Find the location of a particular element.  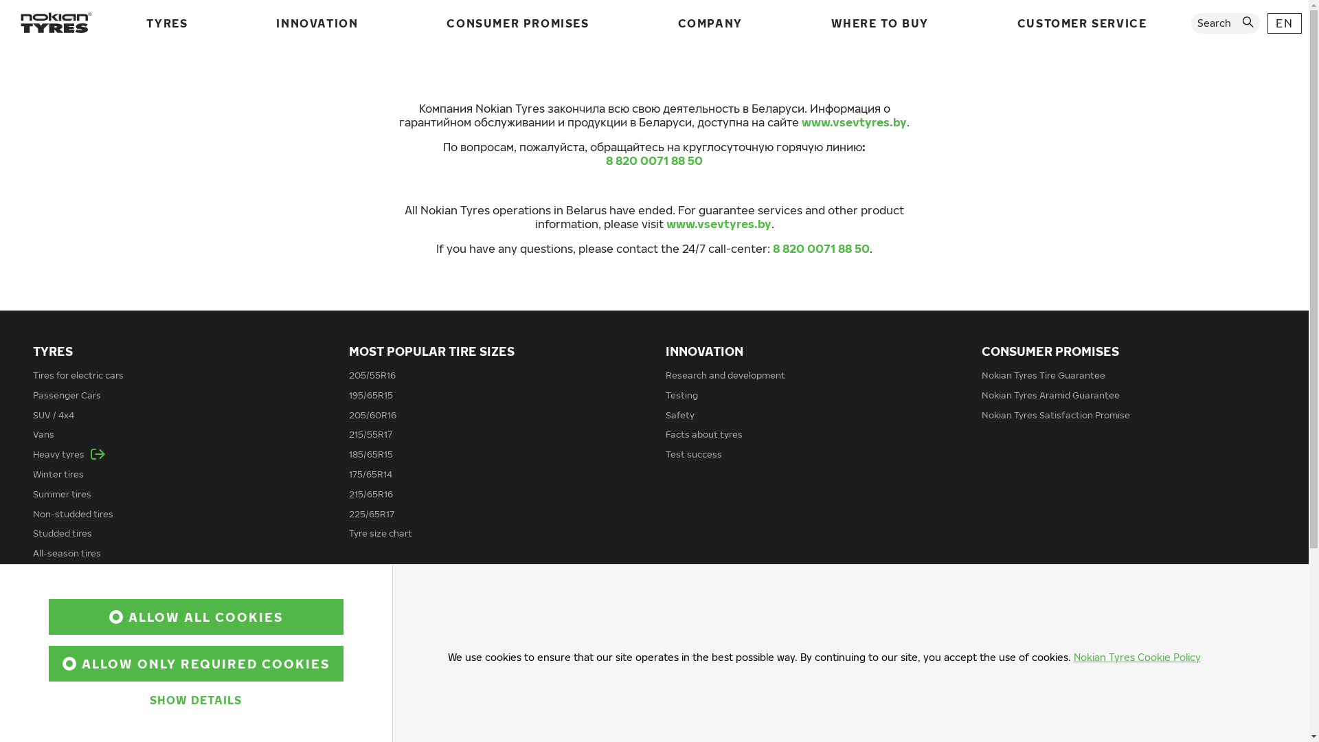

'www.vsevtyres.by' is located at coordinates (853, 121).